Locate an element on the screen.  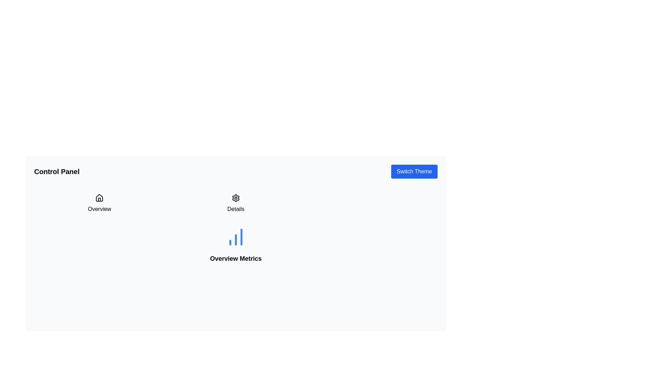
roof part of the house icon in the 'Overview' navigation option by clicking on it is located at coordinates (99, 198).